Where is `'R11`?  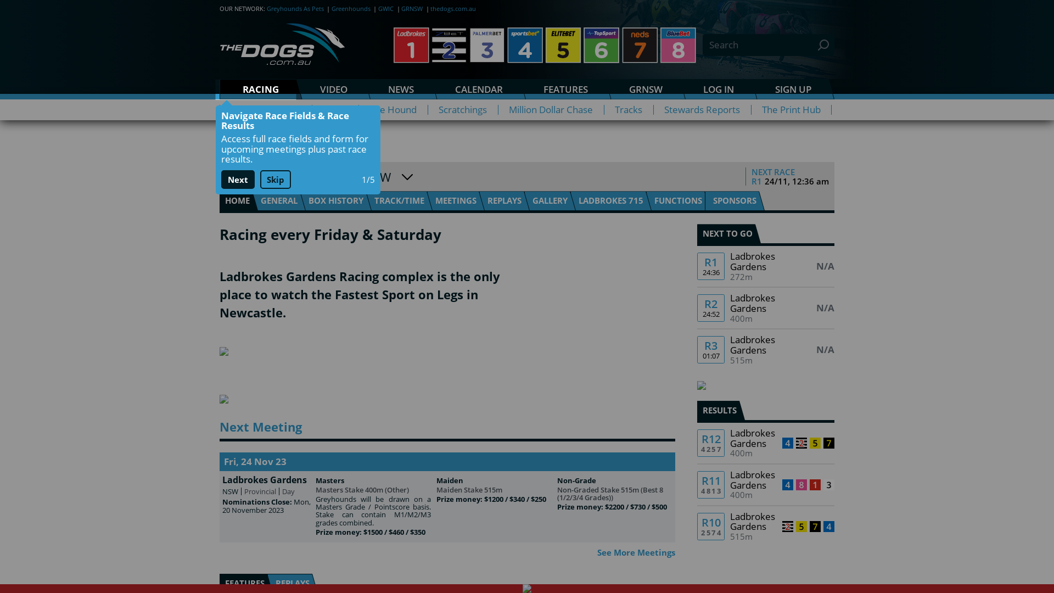 'R11 is located at coordinates (765, 484).